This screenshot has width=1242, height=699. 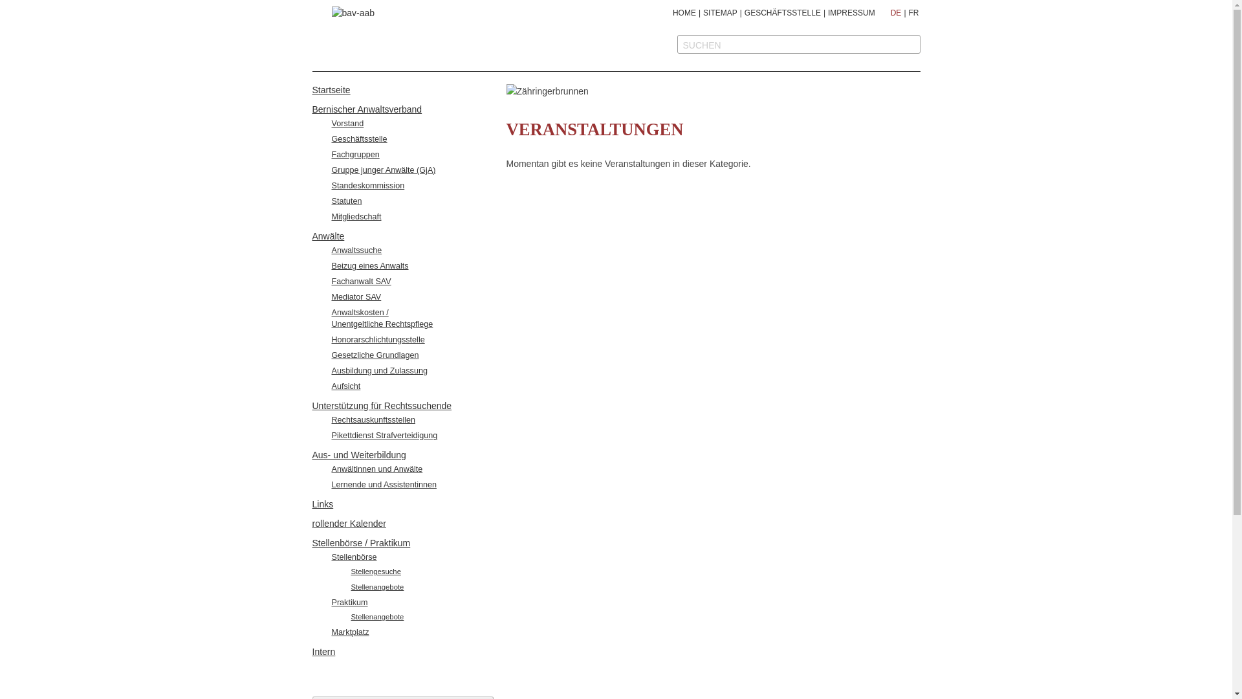 What do you see at coordinates (890, 12) in the screenshot?
I see `'DE'` at bounding box center [890, 12].